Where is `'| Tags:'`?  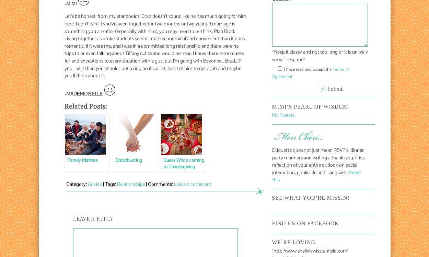 '| Tags:' is located at coordinates (109, 184).